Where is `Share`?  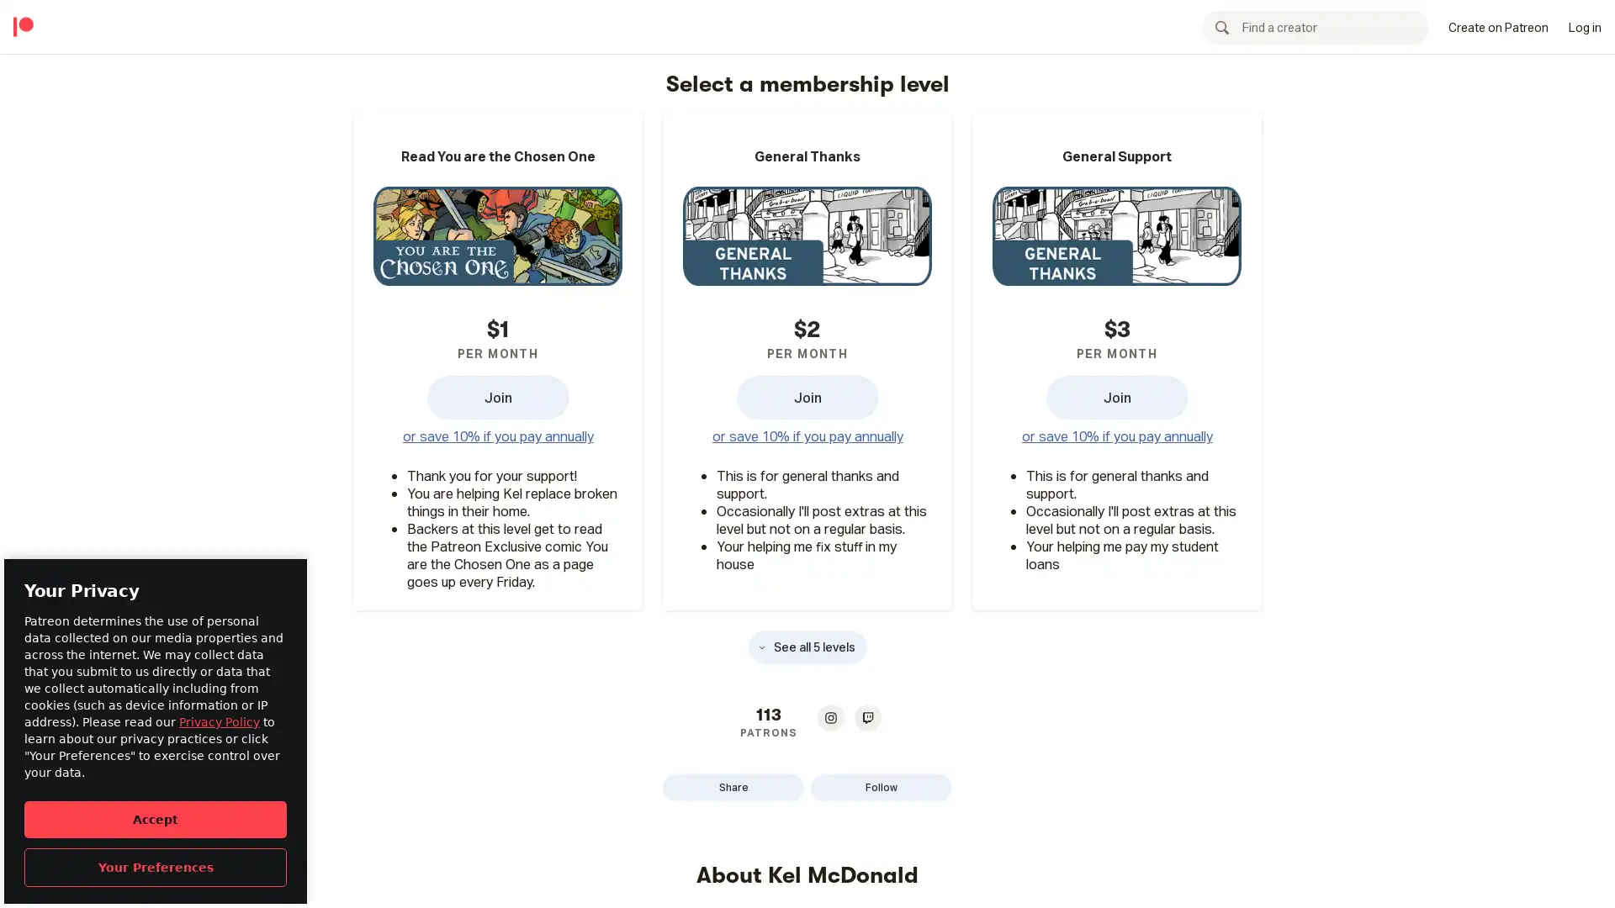 Share is located at coordinates (733, 787).